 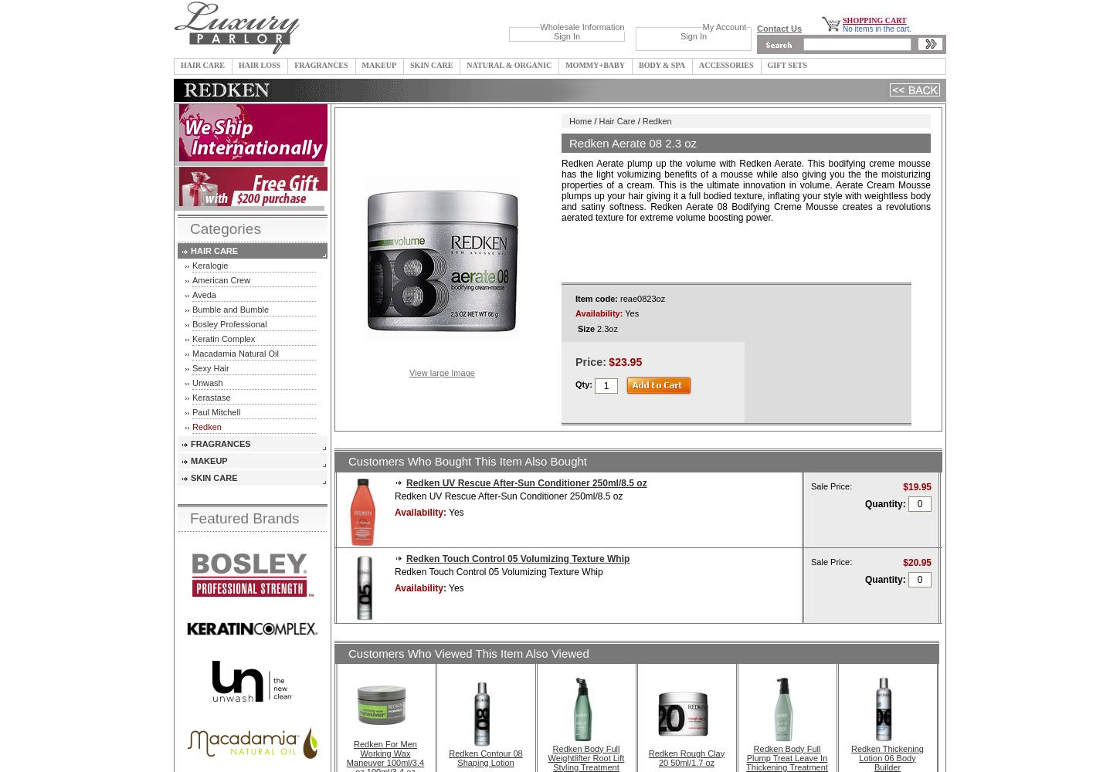 I want to click on 'Macadamia Natural Oil', so click(x=235, y=353).